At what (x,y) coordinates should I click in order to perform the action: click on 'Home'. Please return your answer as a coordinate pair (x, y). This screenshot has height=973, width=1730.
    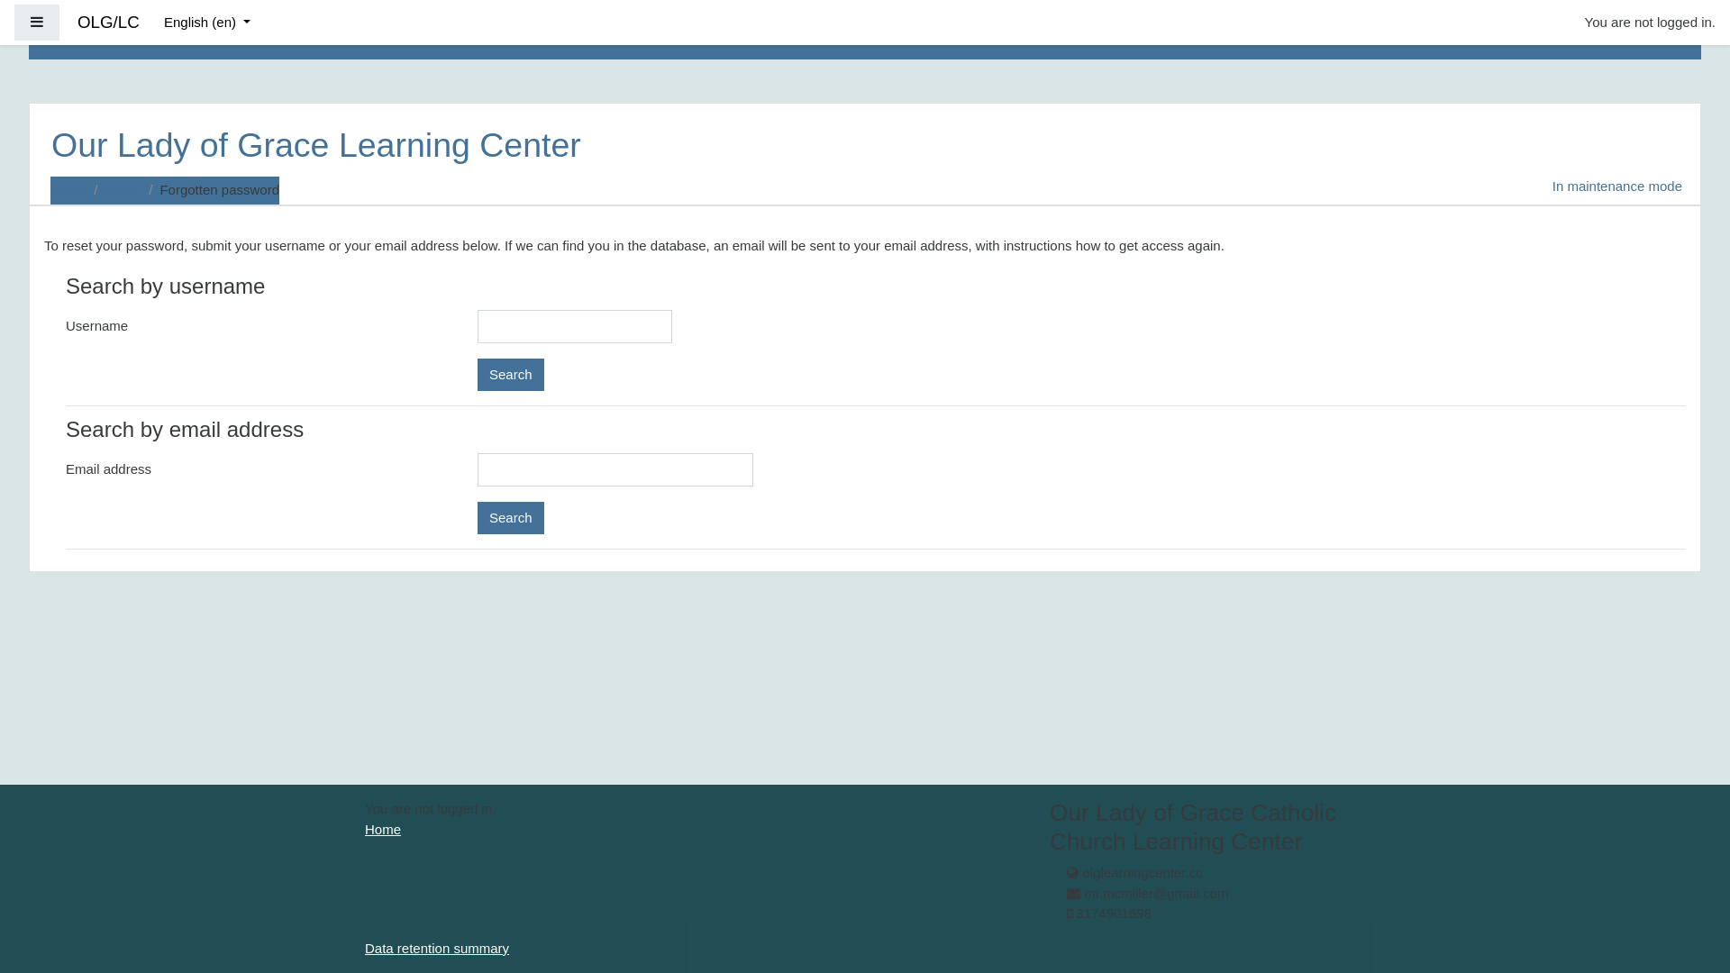
    Looking at the image, I should click on (382, 829).